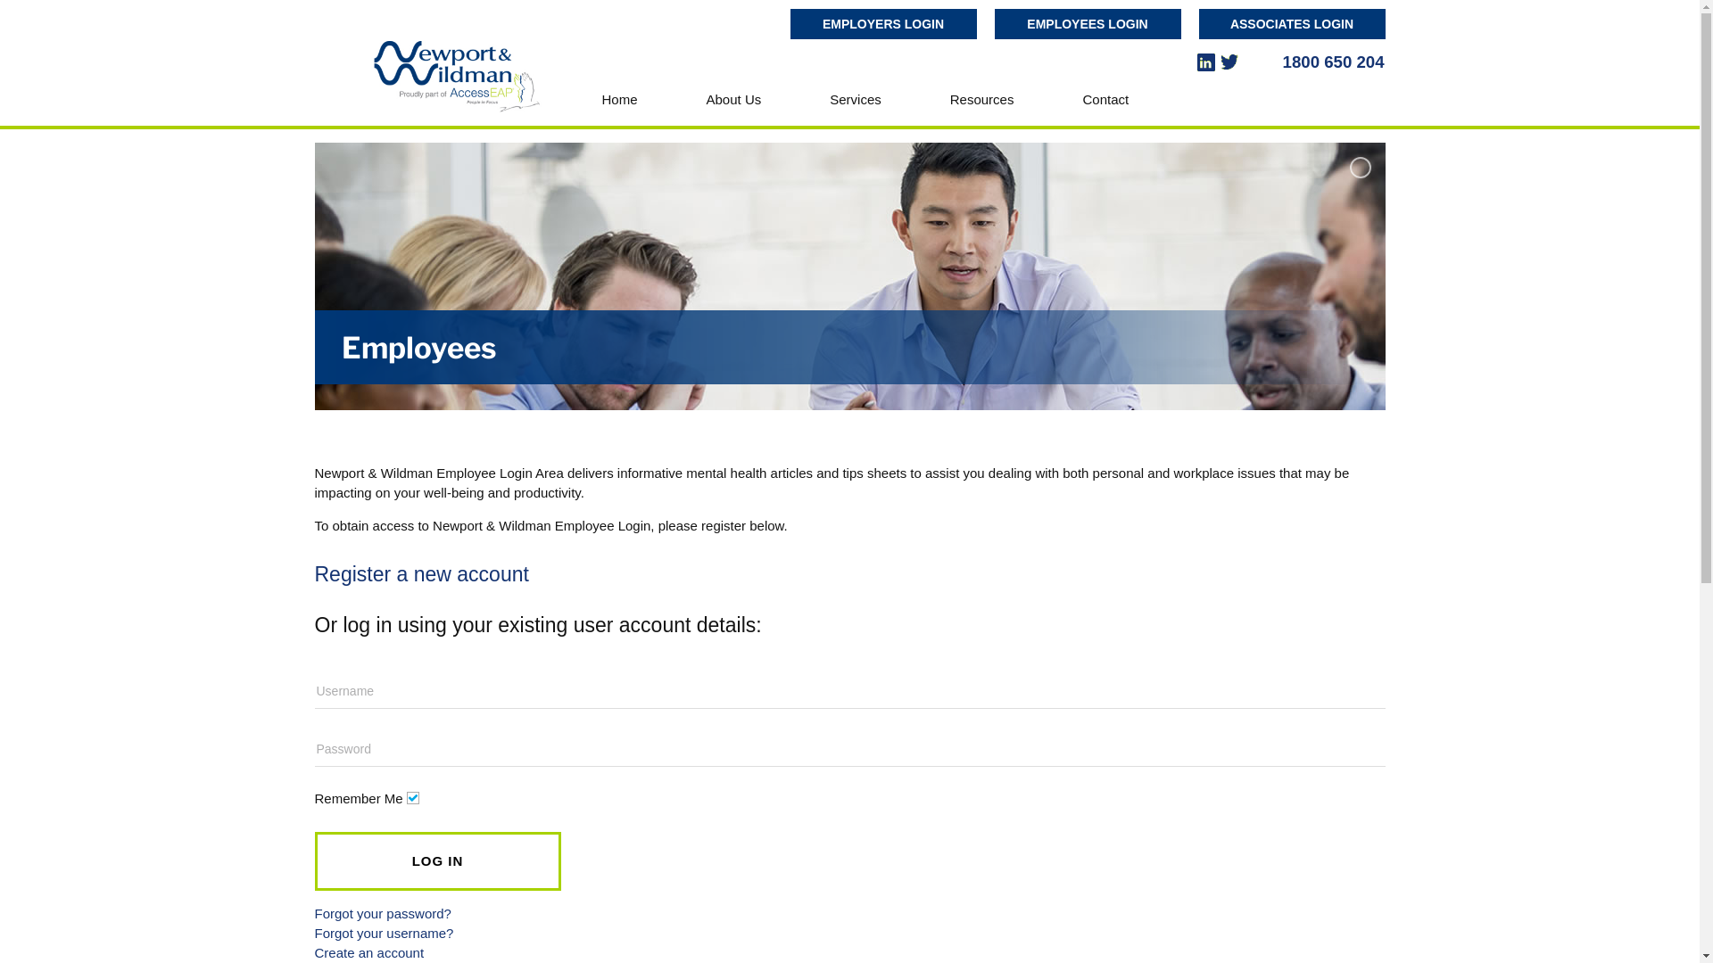 The height and width of the screenshot is (963, 1713). Describe the element at coordinates (981, 99) in the screenshot. I see `'Resources'` at that location.